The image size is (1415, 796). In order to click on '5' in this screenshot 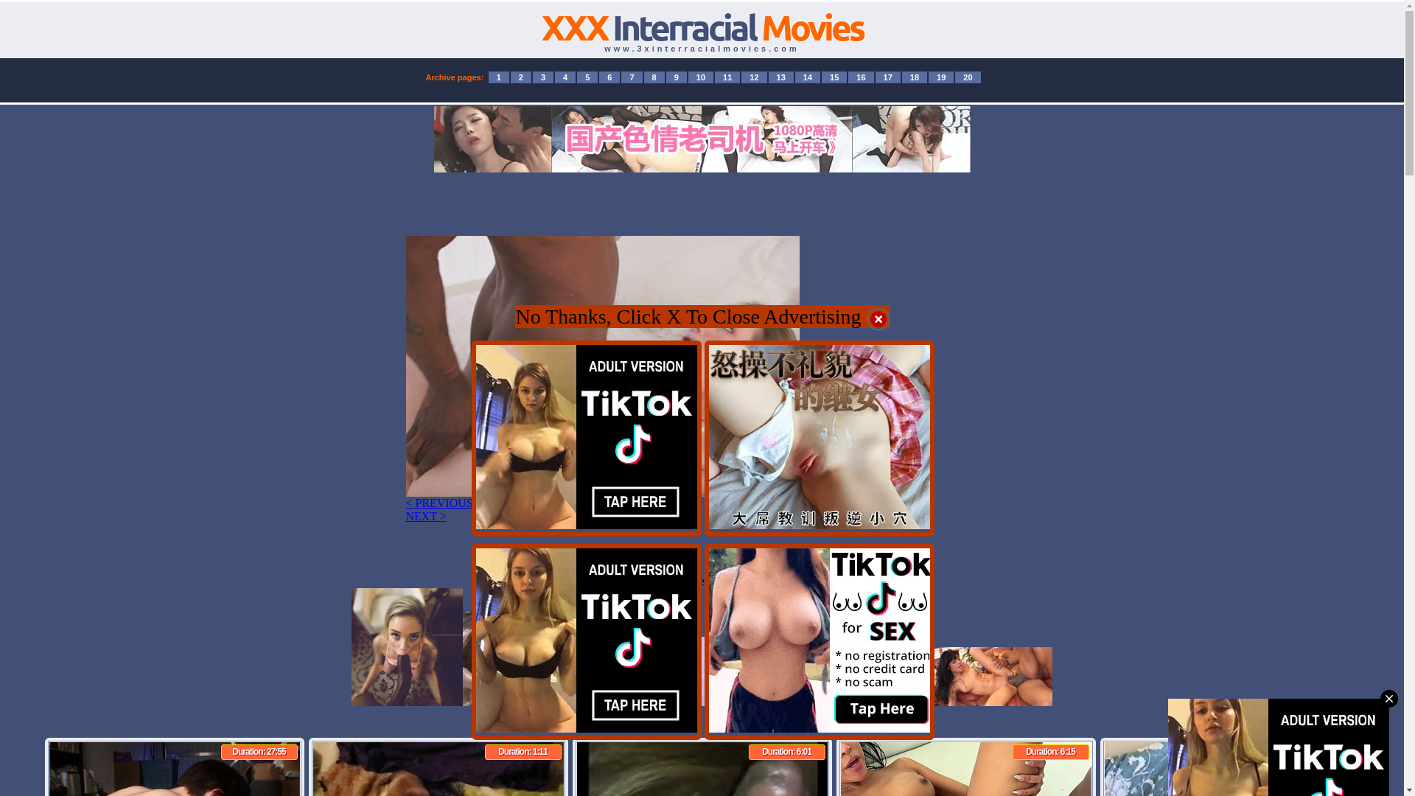, I will do `click(586, 77)`.